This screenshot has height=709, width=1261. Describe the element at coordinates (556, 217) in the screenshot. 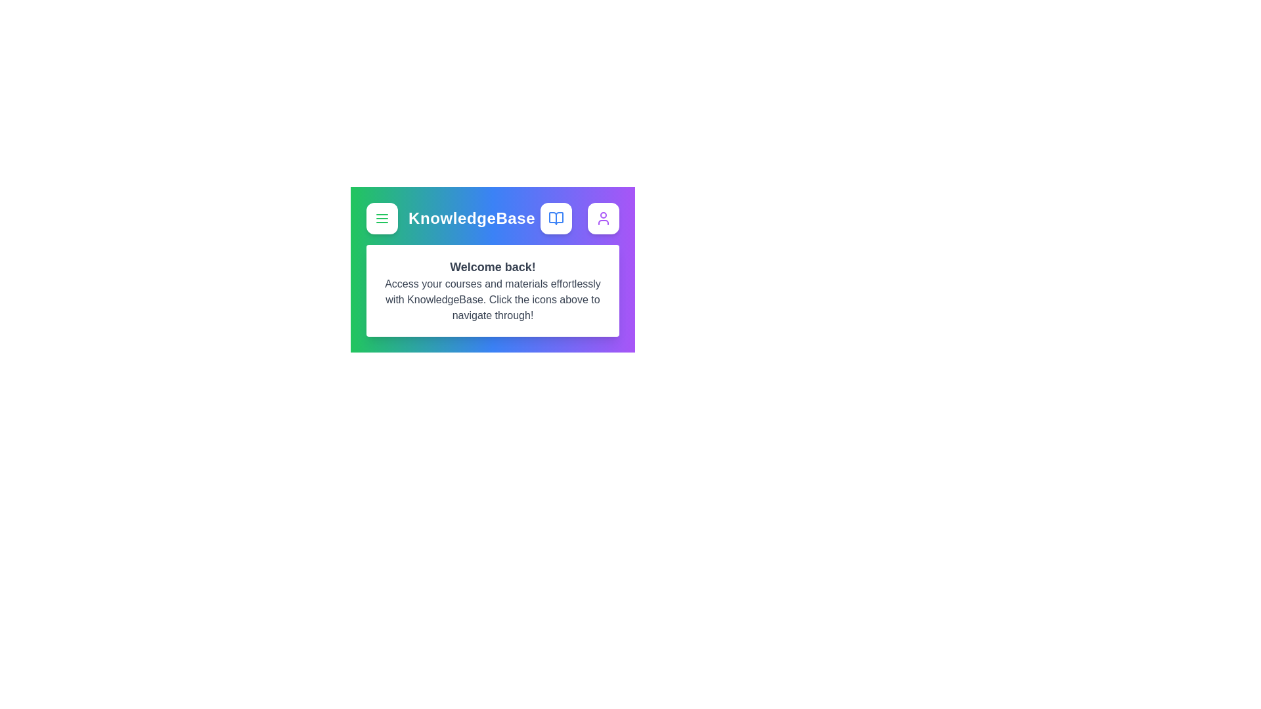

I see `the BookOpen icon to observe hover effects` at that location.